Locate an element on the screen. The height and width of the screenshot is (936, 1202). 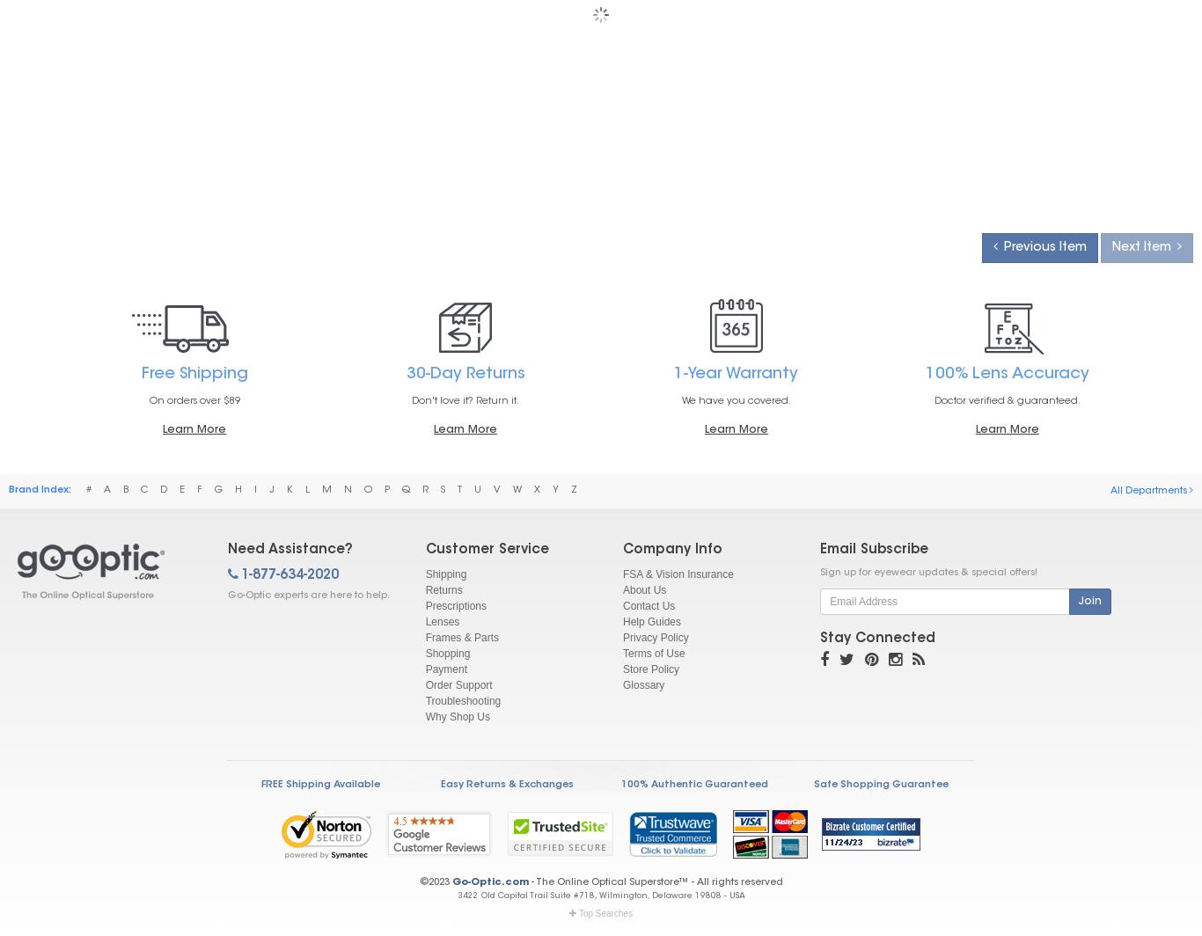
'Safe Shopping Guarantee' is located at coordinates (881, 784).